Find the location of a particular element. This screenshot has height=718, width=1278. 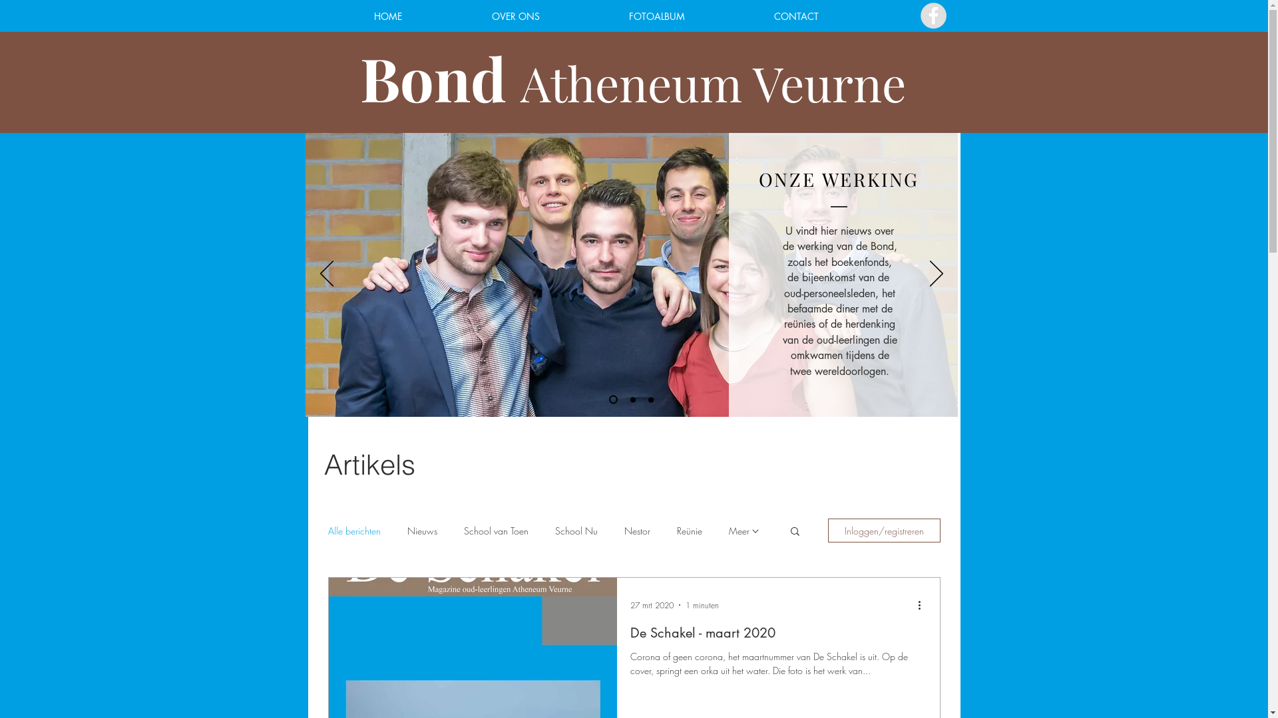

'Nestor' is located at coordinates (636, 529).